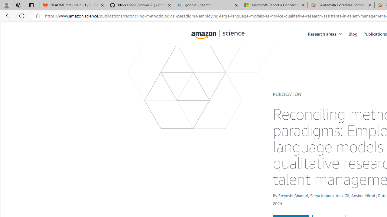  I want to click on 'amazon-science-logo.svg', so click(218, 35).